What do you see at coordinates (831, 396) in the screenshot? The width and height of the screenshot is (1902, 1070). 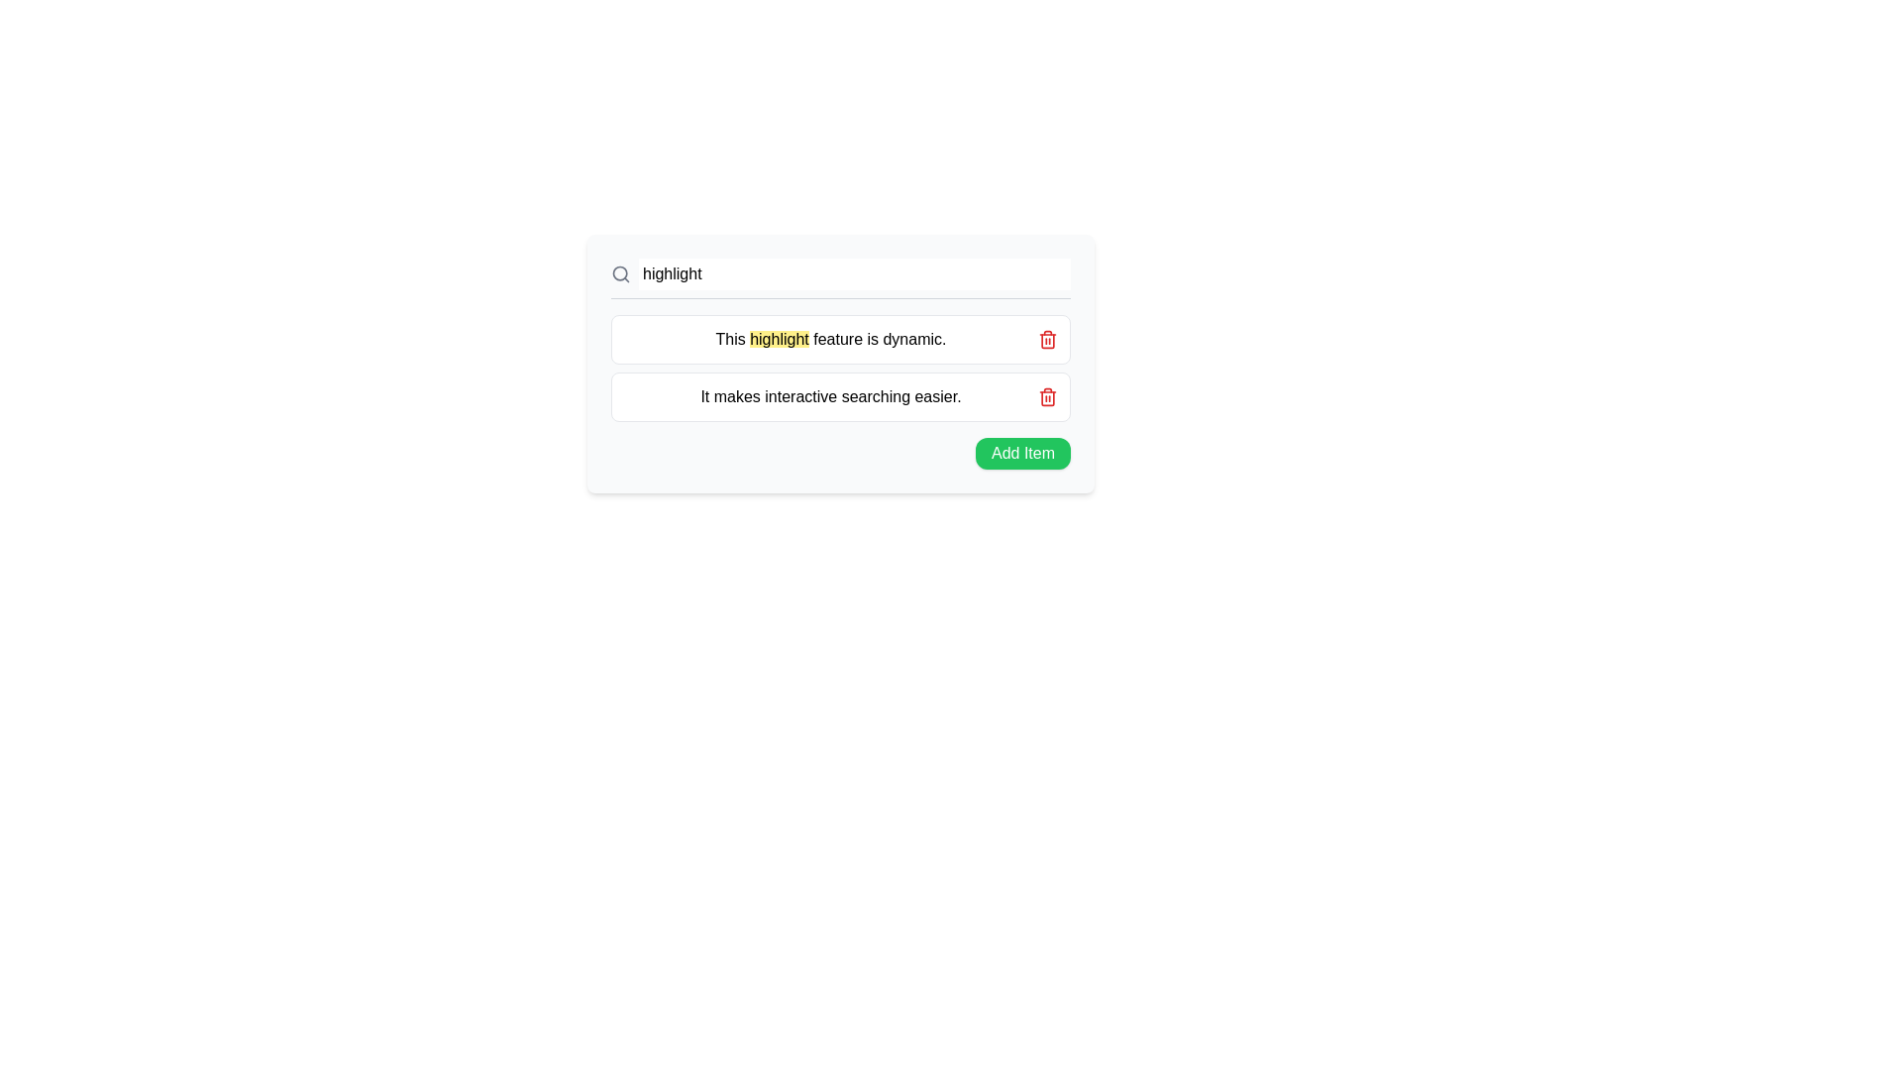 I see `the static text element that reads 'It makes interactive searching easier.' which is the second item in a list of comments` at bounding box center [831, 396].